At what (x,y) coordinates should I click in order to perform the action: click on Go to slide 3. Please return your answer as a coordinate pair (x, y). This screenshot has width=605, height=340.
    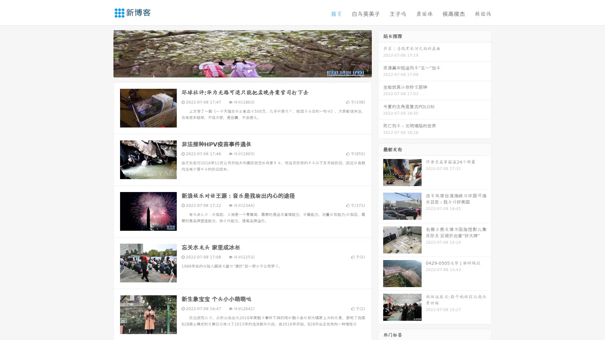
    Looking at the image, I should click on (249, 71).